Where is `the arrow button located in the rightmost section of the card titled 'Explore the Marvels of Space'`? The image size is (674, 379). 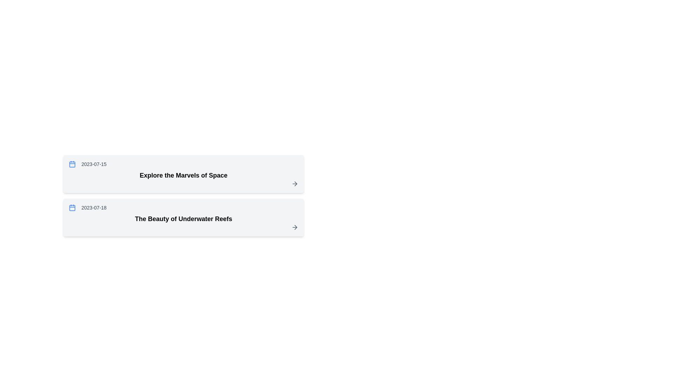
the arrow button located in the rightmost section of the card titled 'Explore the Marvels of Space' is located at coordinates (295, 184).